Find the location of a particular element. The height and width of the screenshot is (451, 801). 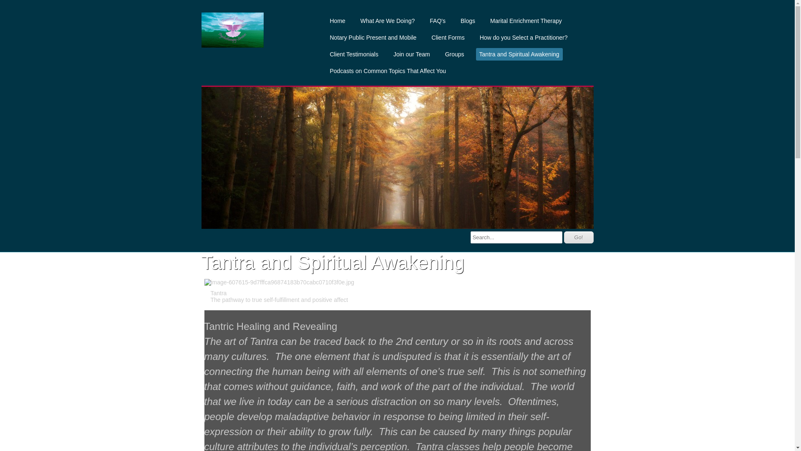

'FAQ's' is located at coordinates (437, 20).